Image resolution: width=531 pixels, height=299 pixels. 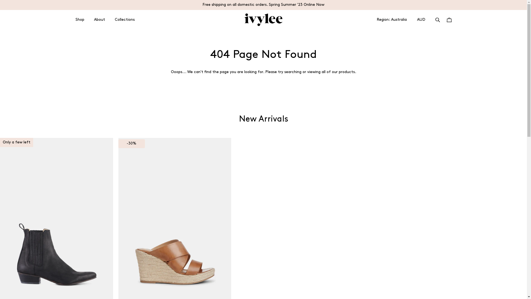 I want to click on 'Collections', so click(x=124, y=20).